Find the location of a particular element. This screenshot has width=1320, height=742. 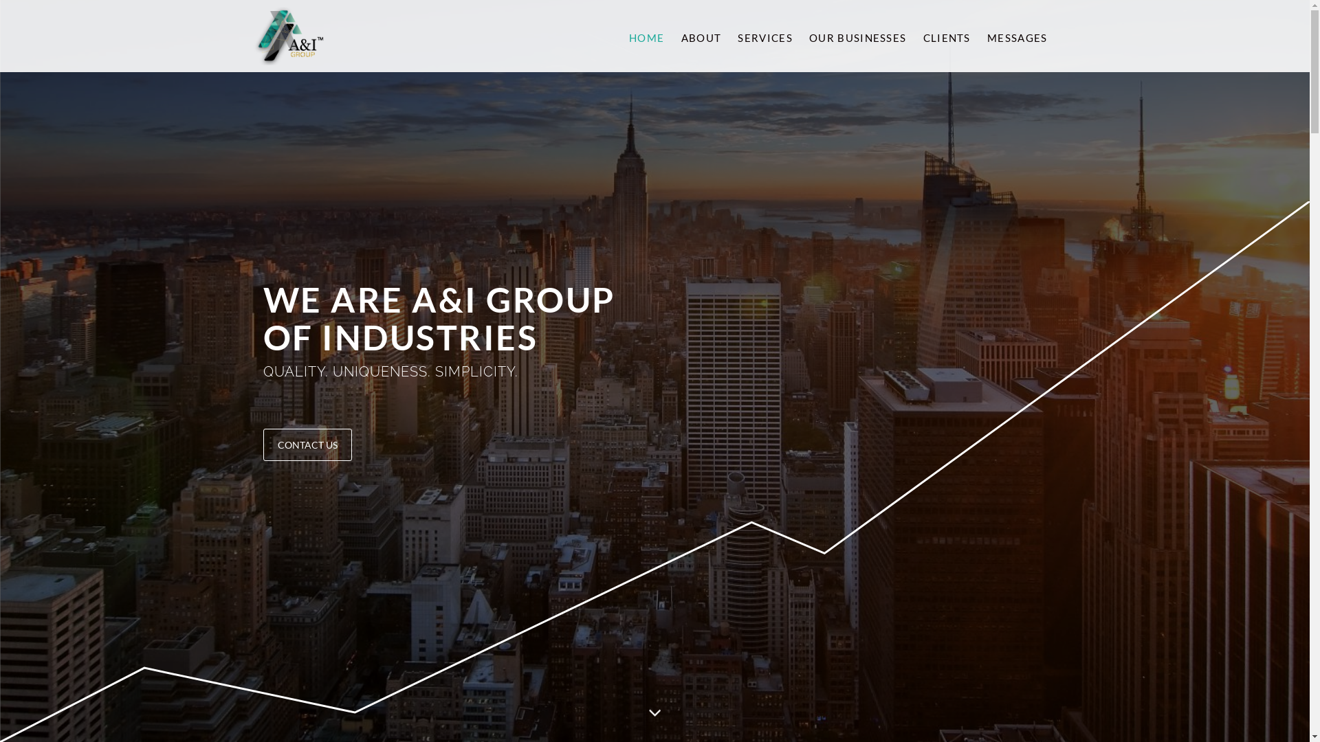

' SERVICES' is located at coordinates (762, 35).